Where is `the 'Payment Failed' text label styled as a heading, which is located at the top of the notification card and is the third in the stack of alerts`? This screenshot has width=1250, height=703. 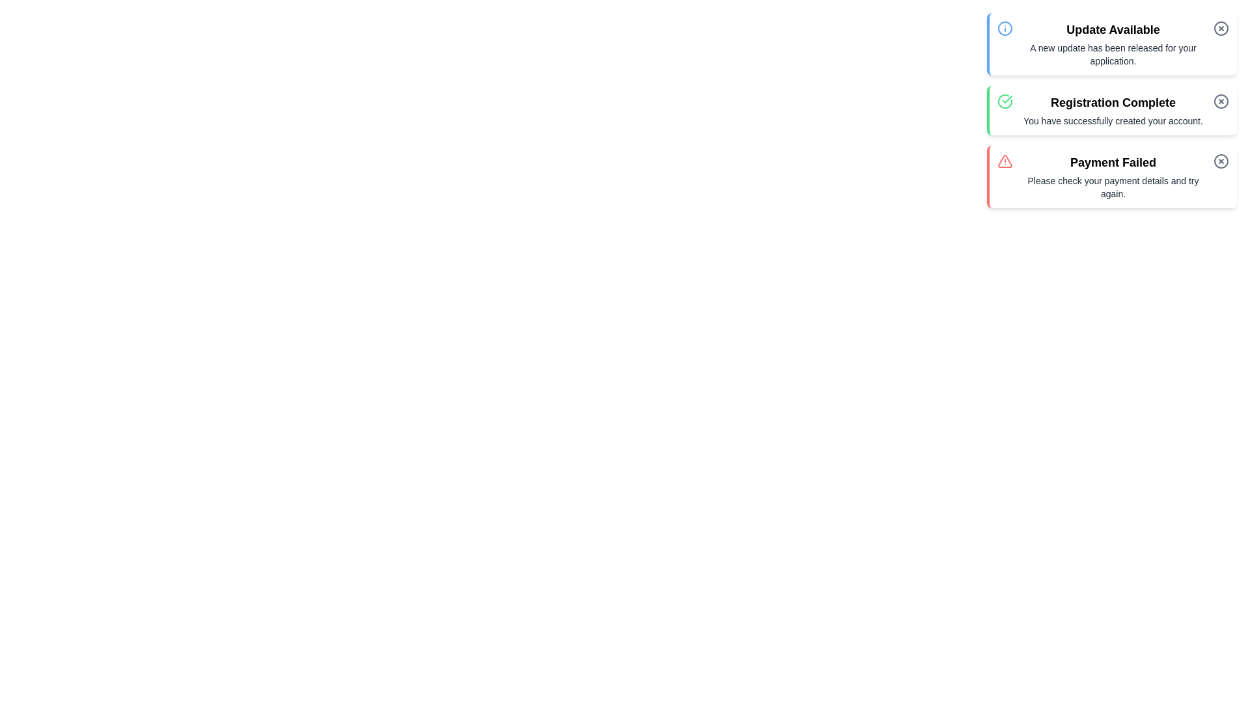 the 'Payment Failed' text label styled as a heading, which is located at the top of the notification card and is the third in the stack of alerts is located at coordinates (1112, 162).